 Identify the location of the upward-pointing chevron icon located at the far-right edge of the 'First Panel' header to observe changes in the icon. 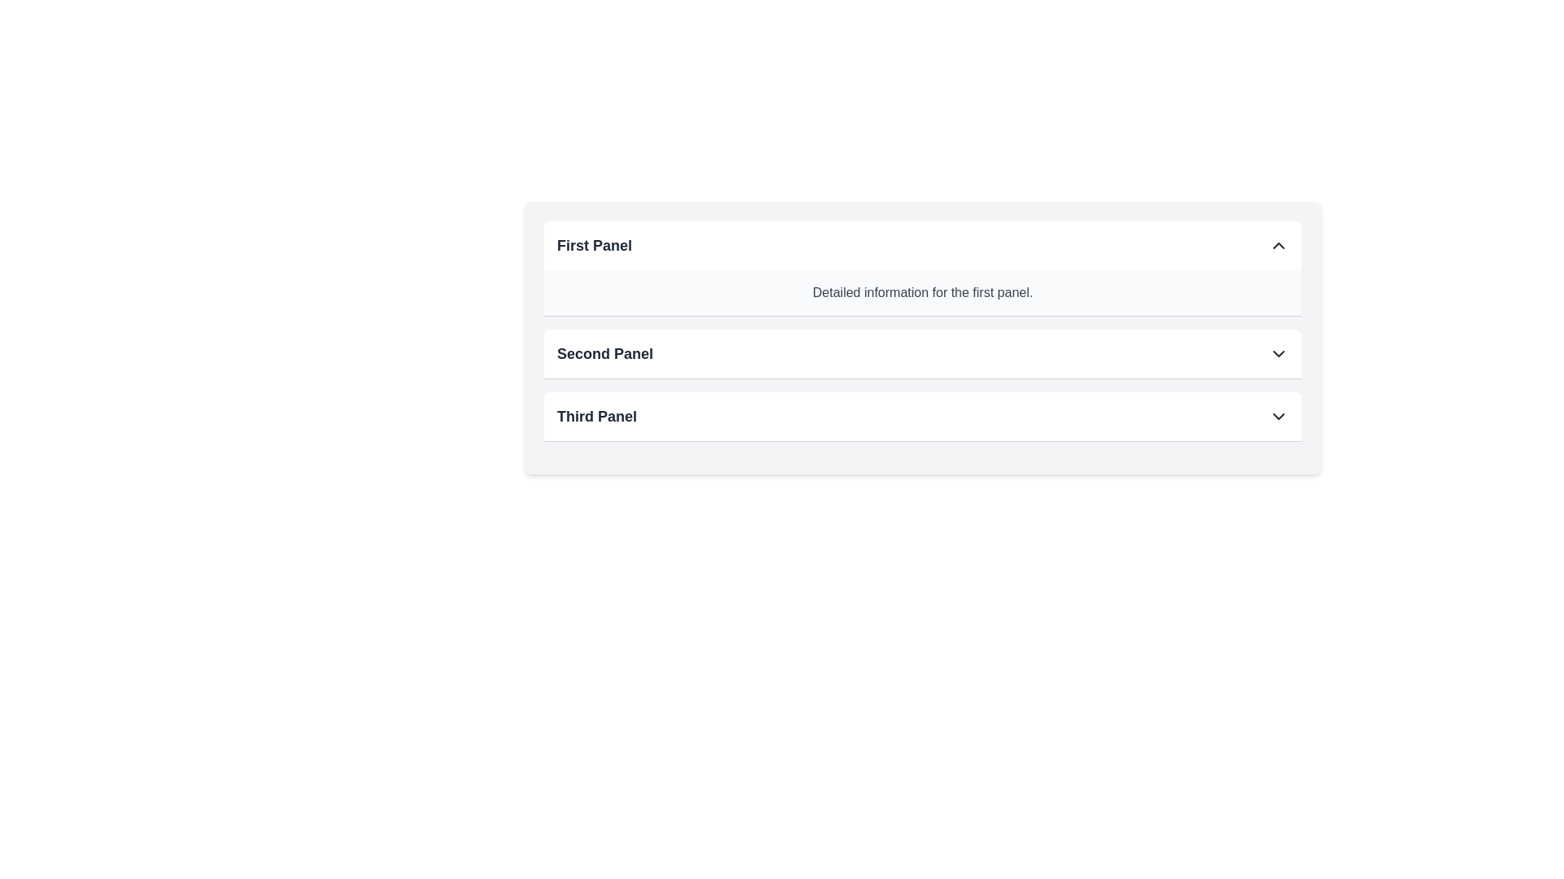
(1277, 245).